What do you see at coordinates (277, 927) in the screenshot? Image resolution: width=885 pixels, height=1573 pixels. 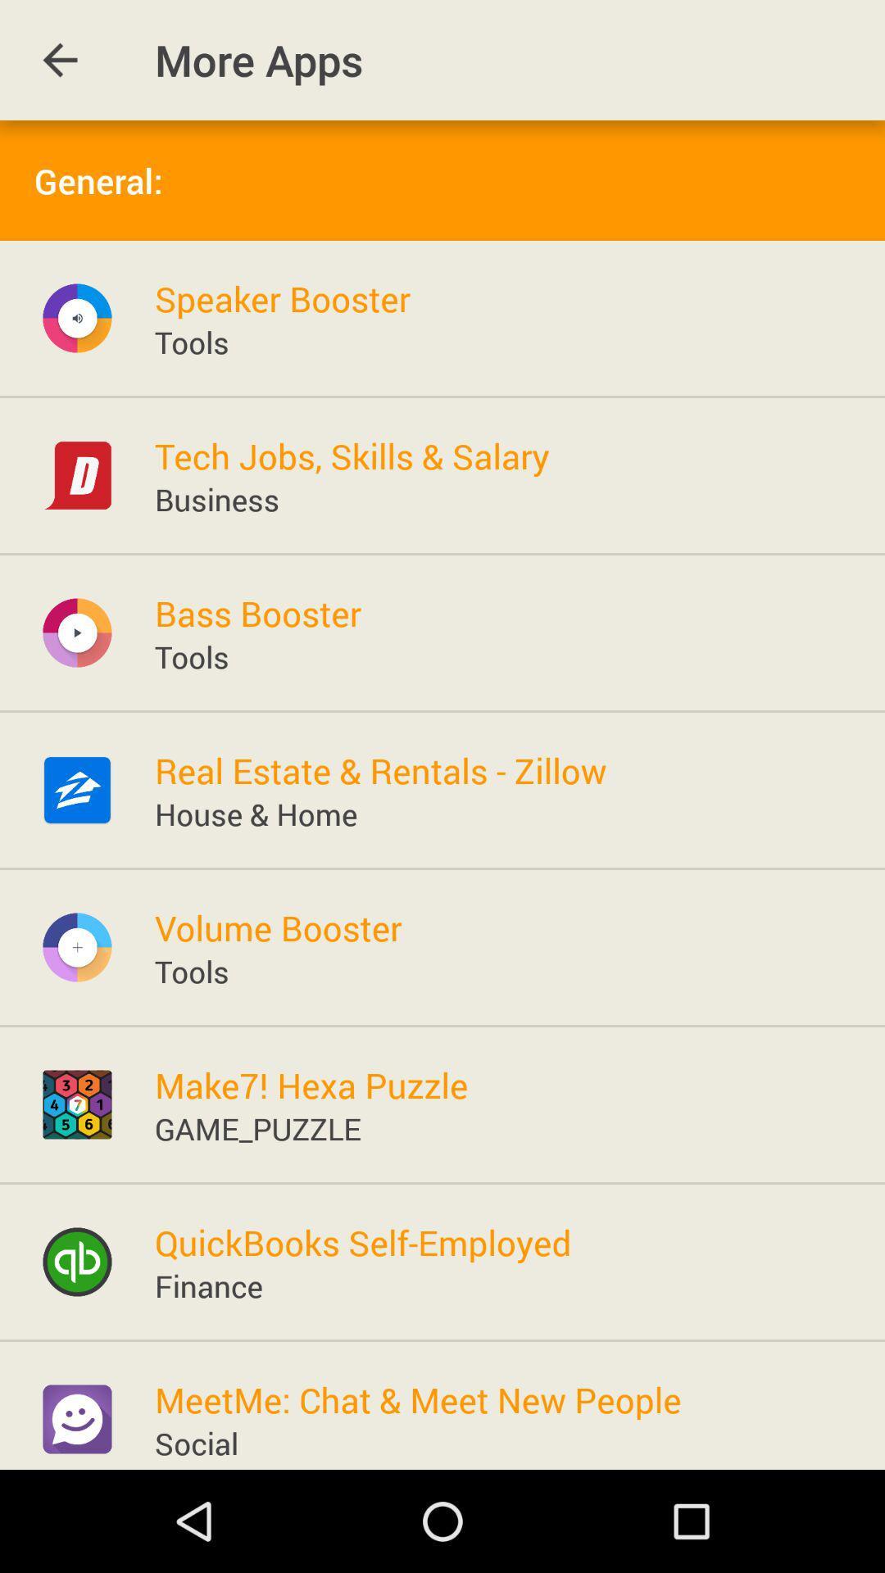 I see `the volume booster item` at bounding box center [277, 927].